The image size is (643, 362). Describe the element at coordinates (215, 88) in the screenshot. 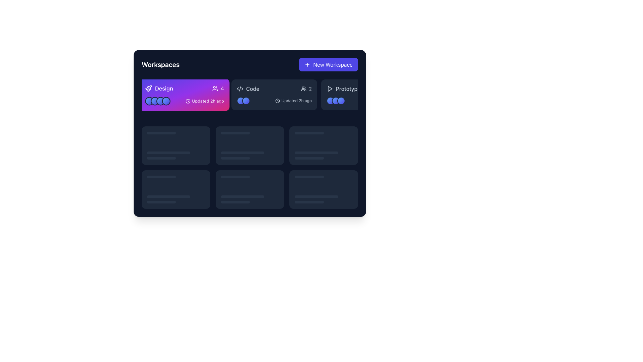

I see `the user group icon associated with the 'Design' workspace` at that location.